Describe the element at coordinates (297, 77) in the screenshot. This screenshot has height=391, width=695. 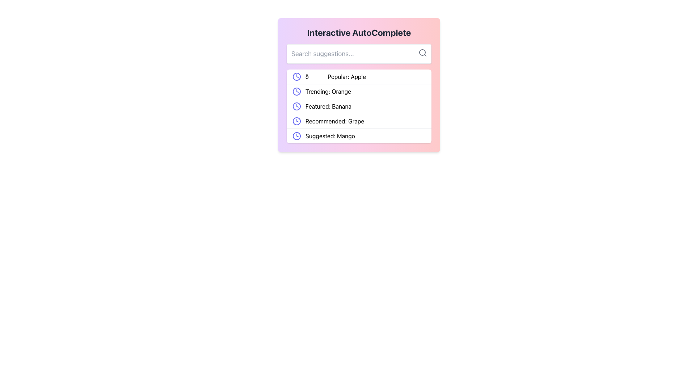
I see `the SVG circle element of the clock icon located in the leftmost column of the first row of the dropdown suggestion list` at that location.